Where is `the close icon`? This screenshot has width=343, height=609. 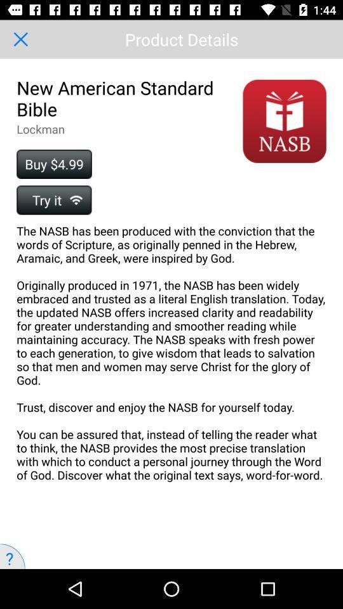
the close icon is located at coordinates (20, 39).